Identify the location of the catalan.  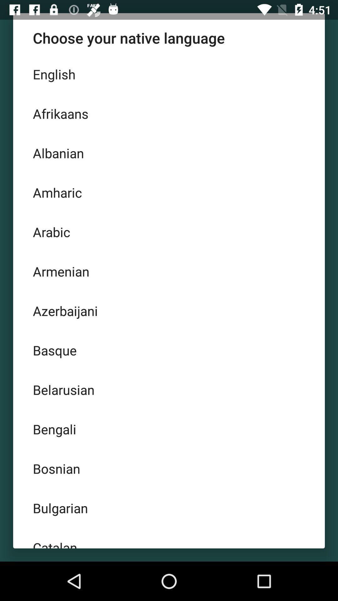
(169, 537).